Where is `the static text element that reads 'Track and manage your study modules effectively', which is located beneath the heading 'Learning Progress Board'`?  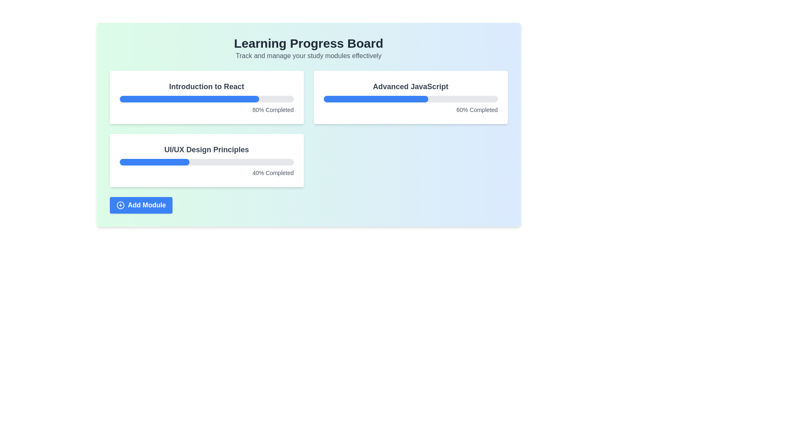
the static text element that reads 'Track and manage your study modules effectively', which is located beneath the heading 'Learning Progress Board' is located at coordinates (308, 56).